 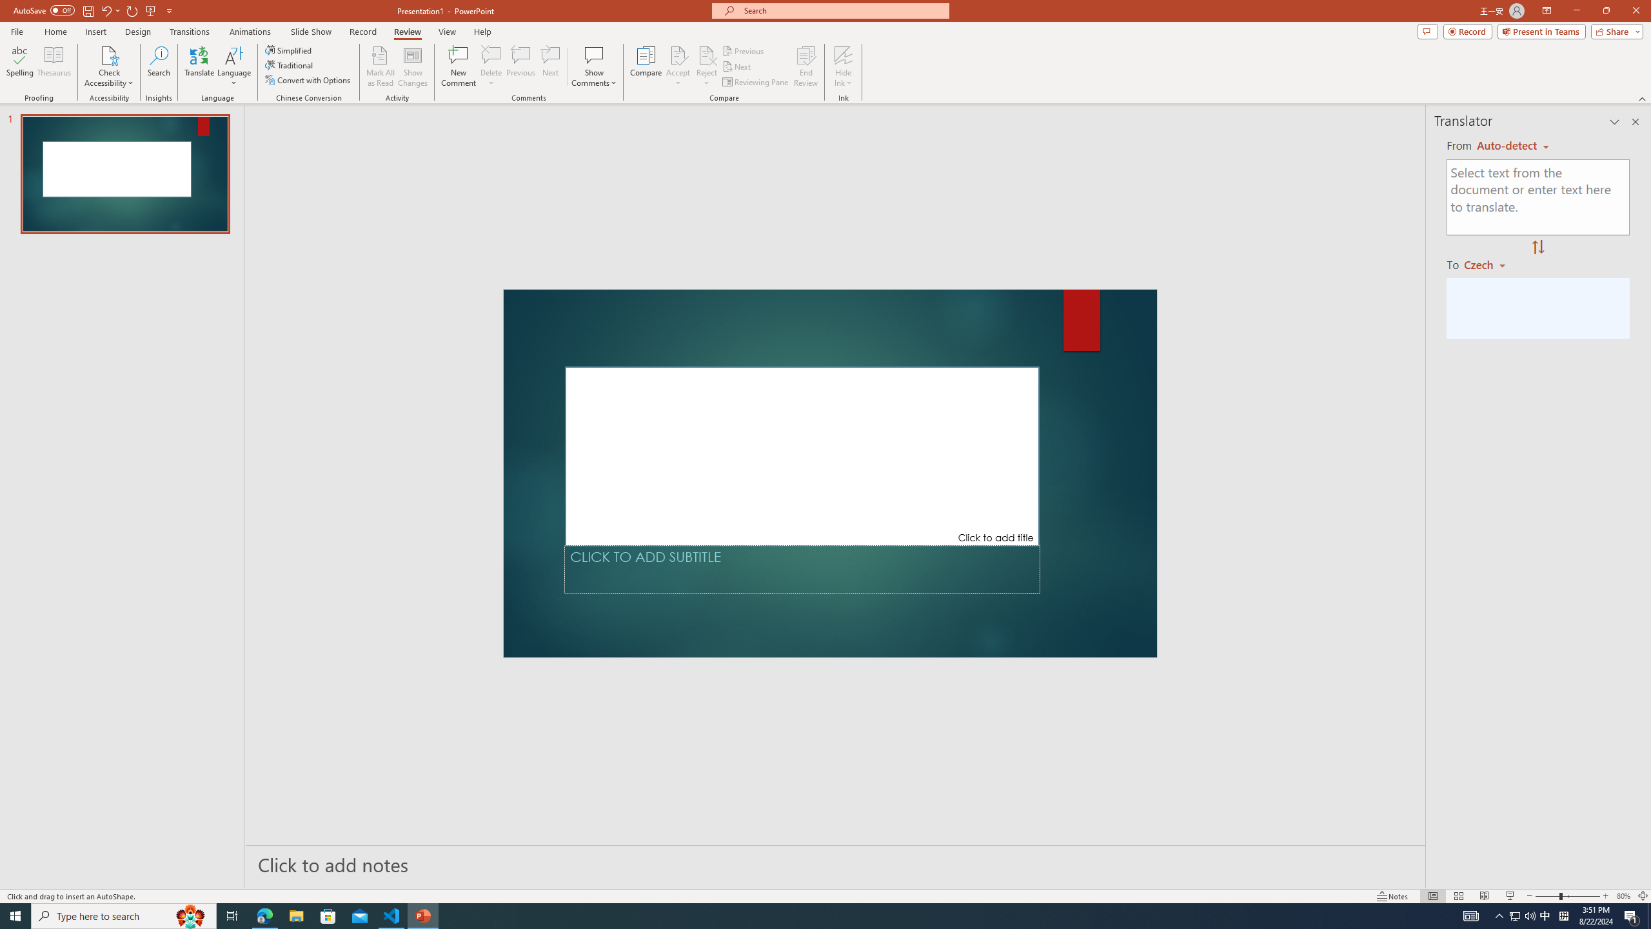 I want to click on 'Accept', so click(x=678, y=66).